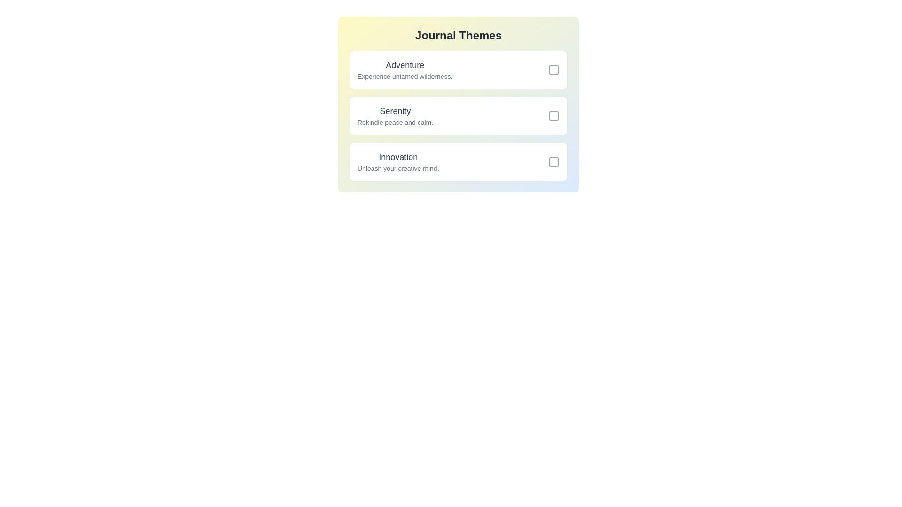  Describe the element at coordinates (395, 110) in the screenshot. I see `the text label 'Serenity' which is styled with a medium-sized font and gray color, located within the second card under the header 'Journal Themes'` at that location.